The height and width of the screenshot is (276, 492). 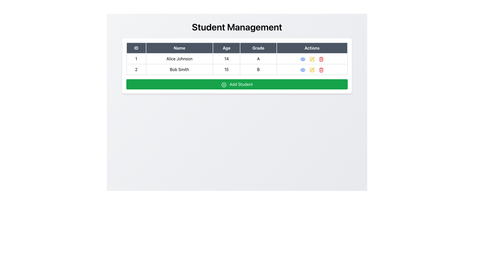 I want to click on the text label displaying '14' in bold within the table cell under the 'Age' column, so click(x=226, y=59).